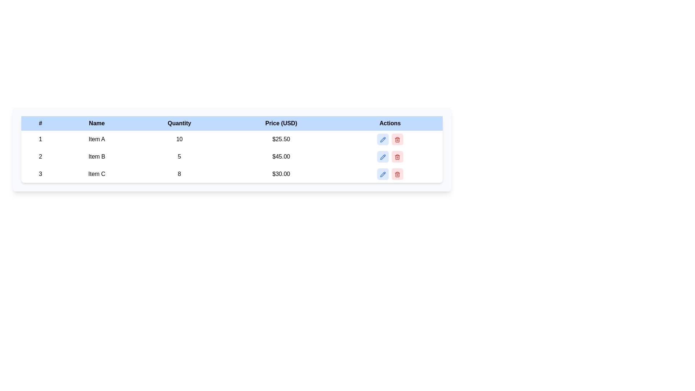 This screenshot has height=391, width=695. I want to click on the text display that shows the price of 'Item B' in the 'Price (USD)' column of the table, so click(281, 156).